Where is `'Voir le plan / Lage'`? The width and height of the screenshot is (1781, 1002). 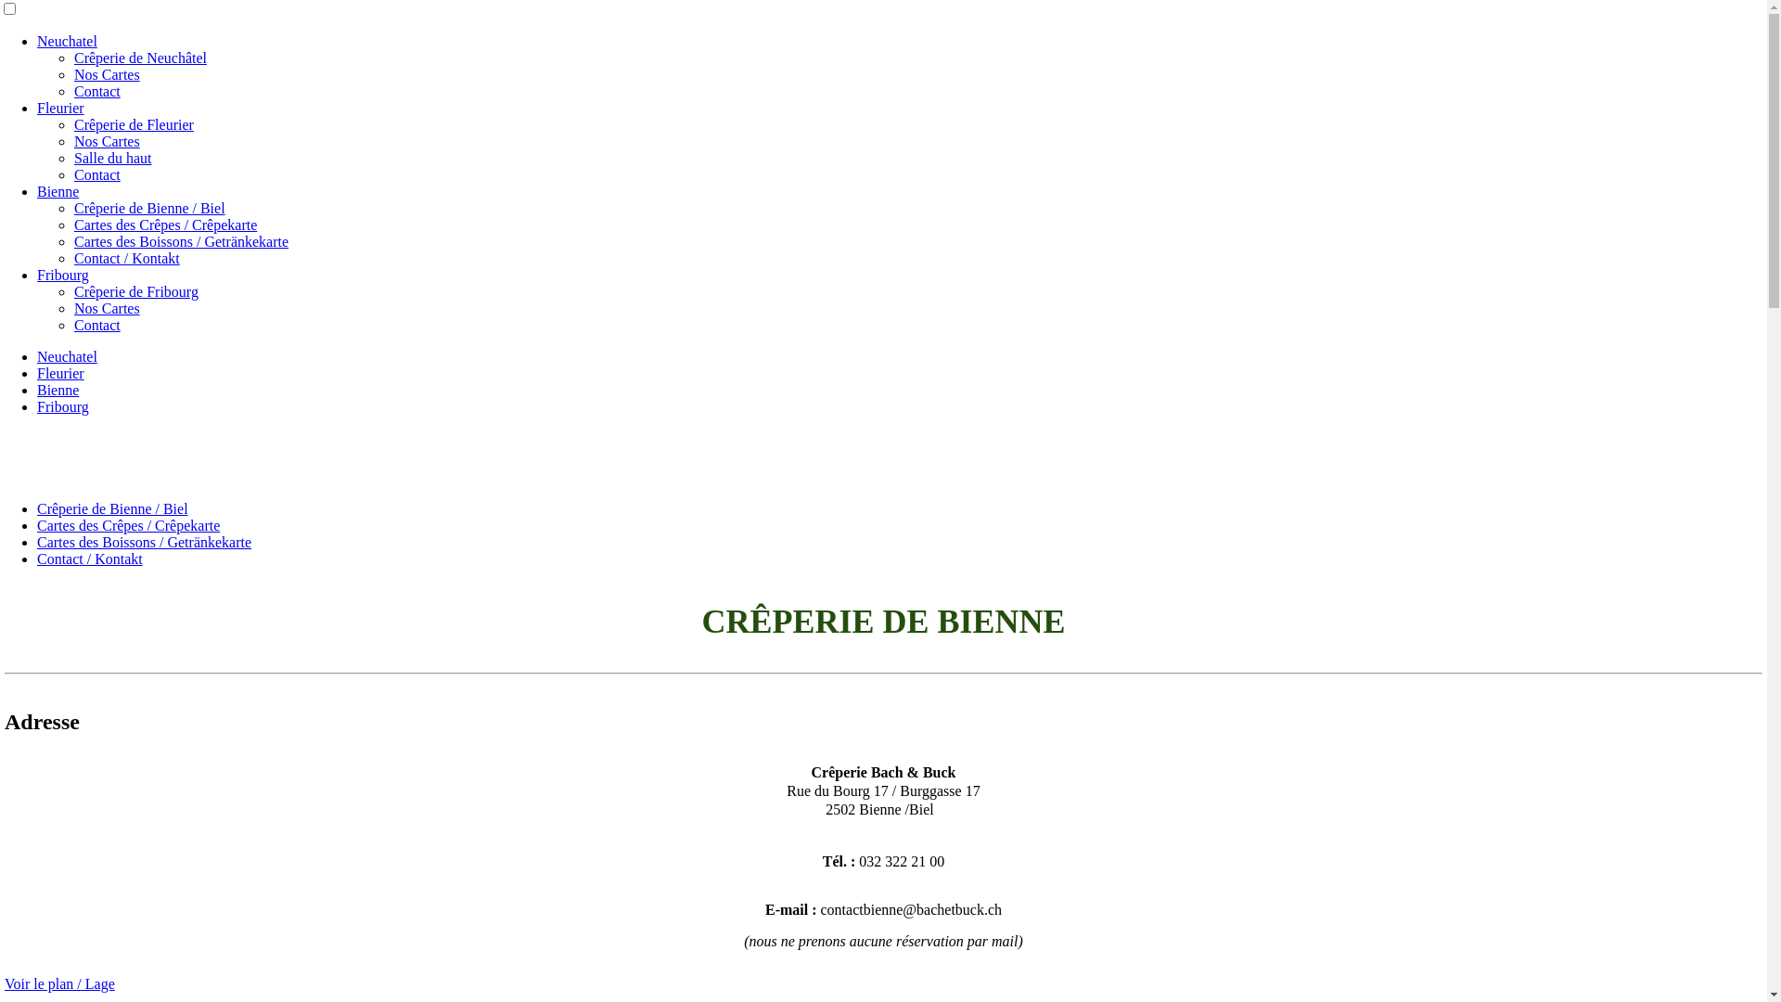
'Voir le plan / Lage' is located at coordinates (4, 983).